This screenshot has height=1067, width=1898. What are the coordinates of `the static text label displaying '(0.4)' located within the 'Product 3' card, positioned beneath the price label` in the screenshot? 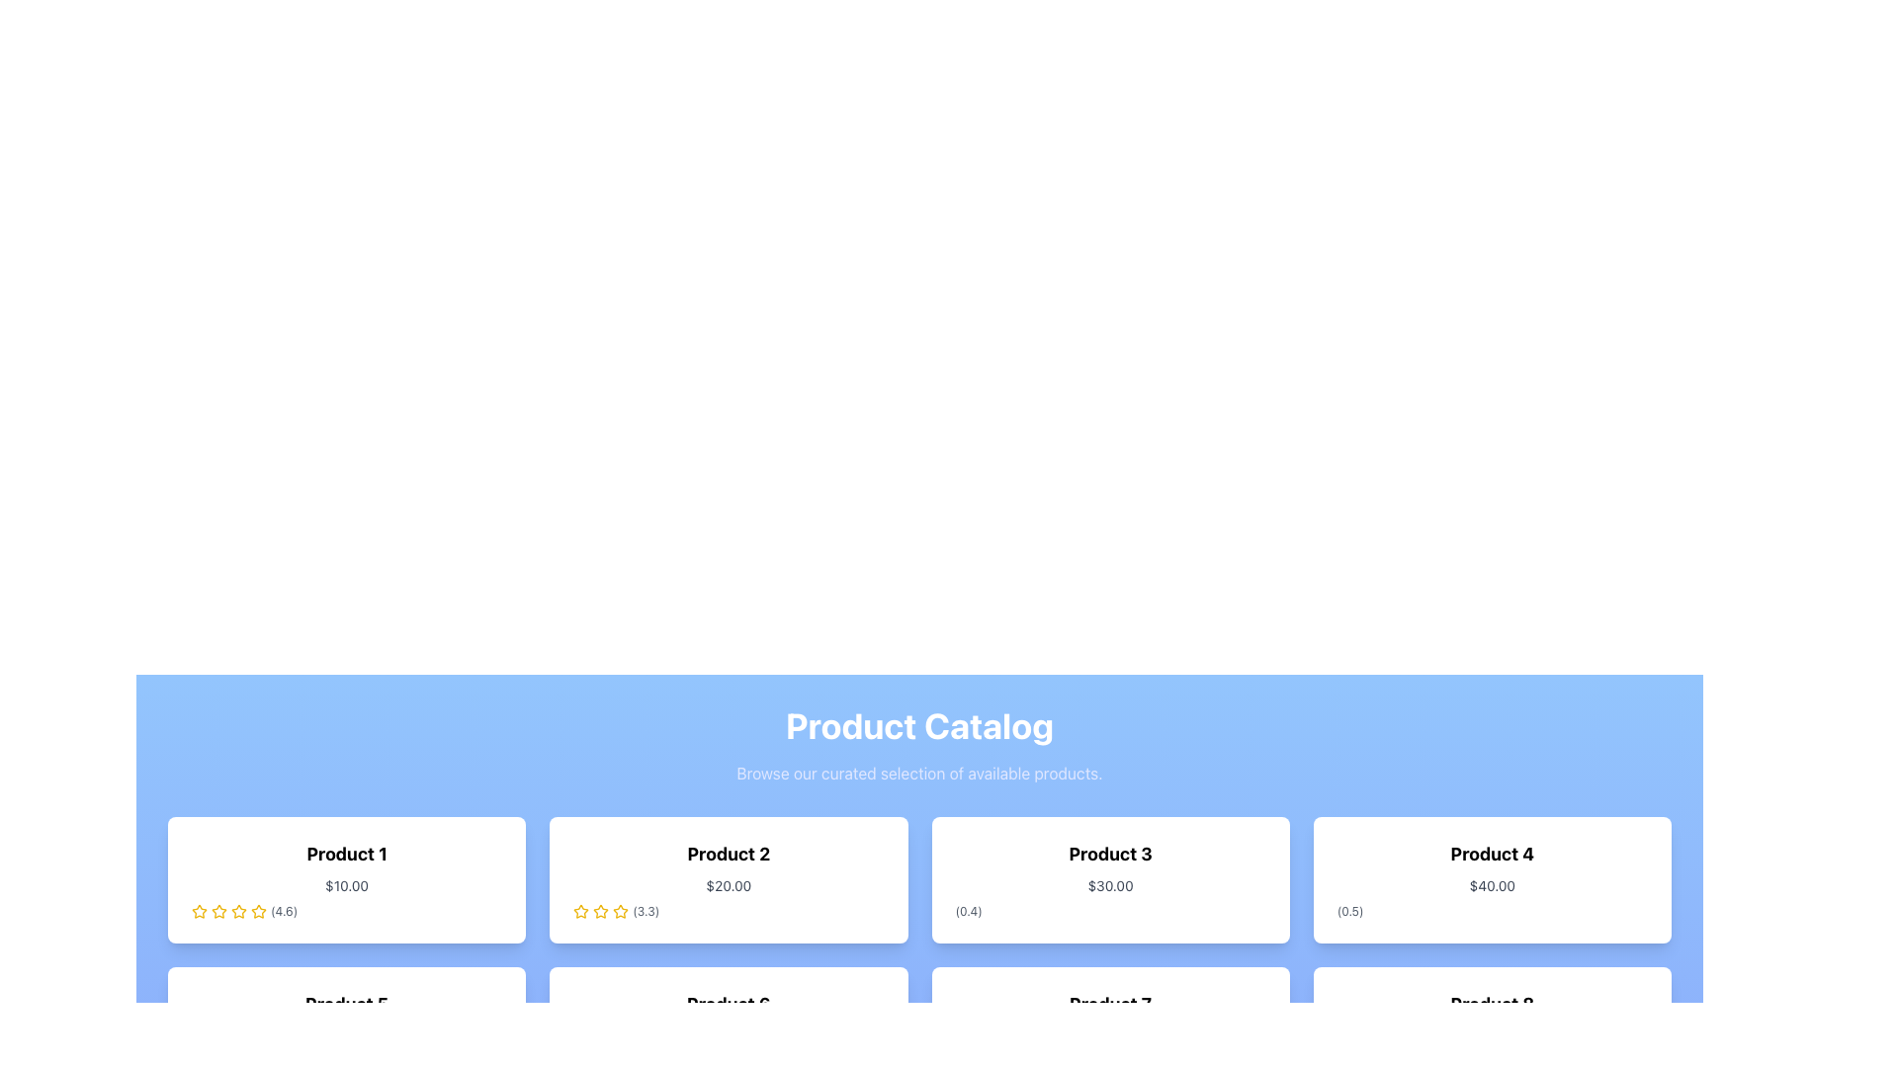 It's located at (969, 911).